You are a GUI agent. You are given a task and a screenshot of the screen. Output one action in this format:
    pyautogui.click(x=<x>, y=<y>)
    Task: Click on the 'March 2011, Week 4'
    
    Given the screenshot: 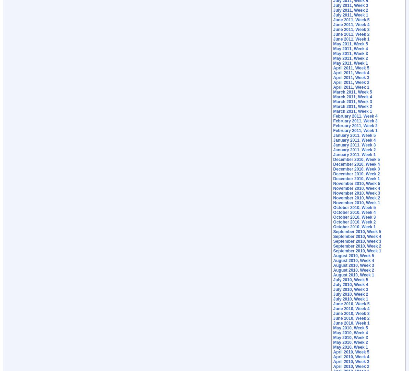 What is the action you would take?
    pyautogui.click(x=333, y=97)
    